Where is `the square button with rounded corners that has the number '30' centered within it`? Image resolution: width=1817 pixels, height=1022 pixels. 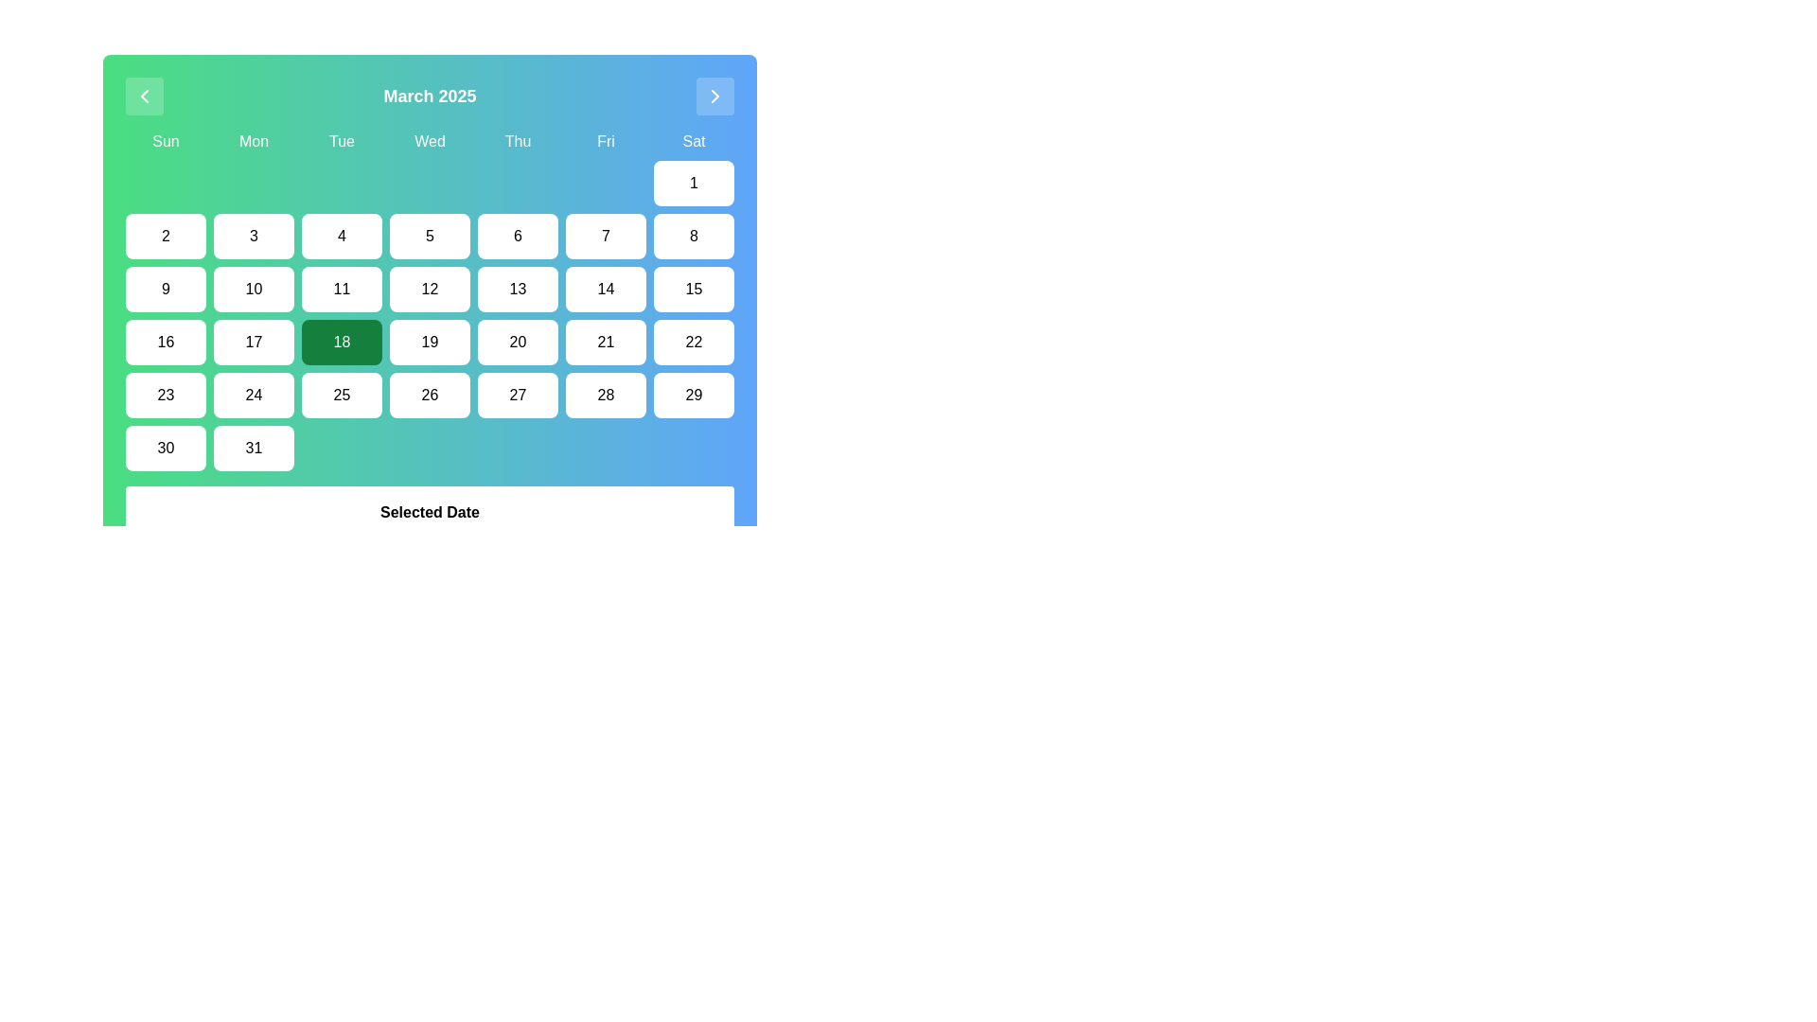
the square button with rounded corners that has the number '30' centered within it is located at coordinates (166, 449).